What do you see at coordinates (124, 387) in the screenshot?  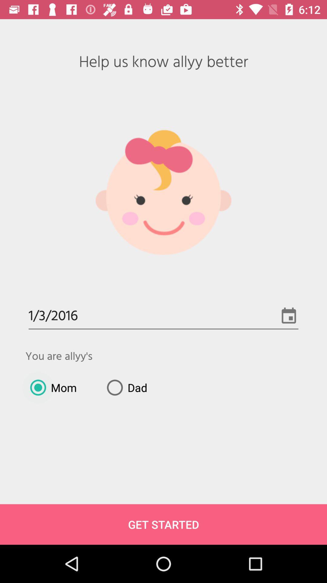 I see `the dad item` at bounding box center [124, 387].